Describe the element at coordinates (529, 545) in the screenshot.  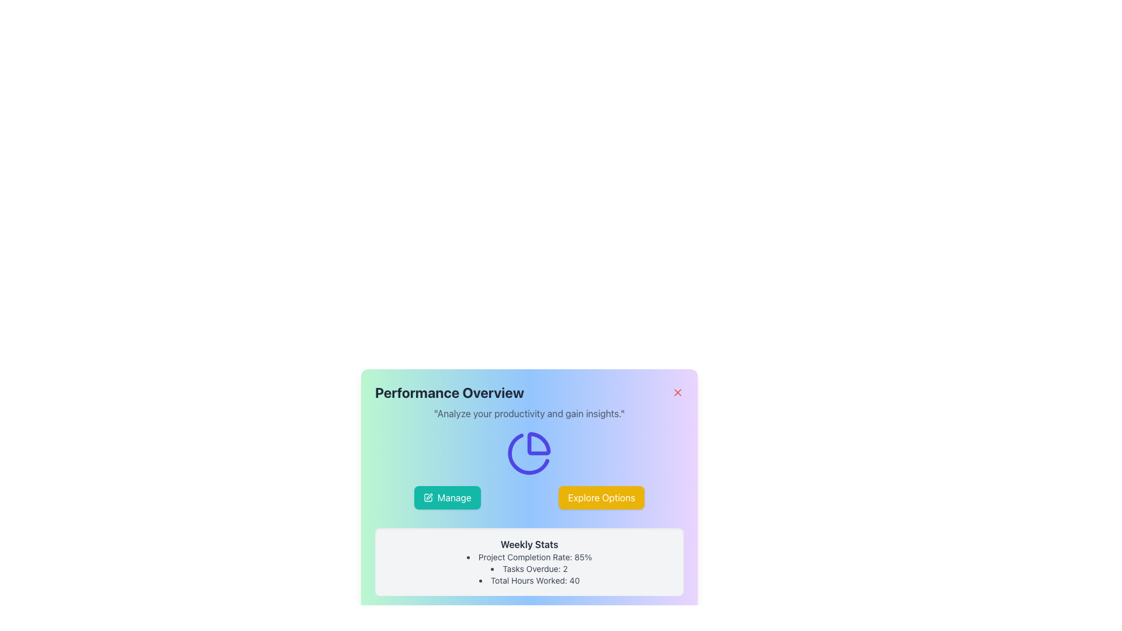
I see `text content of the 'Weekly Stats' label, which is styled in bold with a dark-grey font and located in the bottom section of the 'Performance Overview' panel` at that location.